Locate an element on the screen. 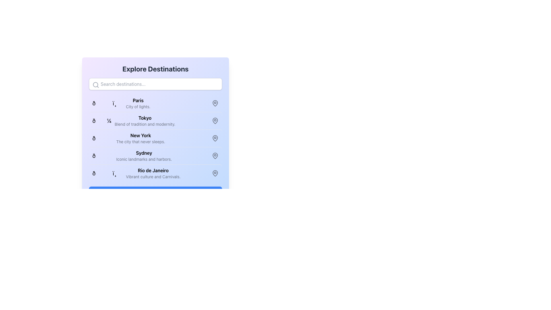 The width and height of the screenshot is (551, 310). the informational text block that describes the destination 'Paris', located in the second row of the destination list is located at coordinates (138, 103).